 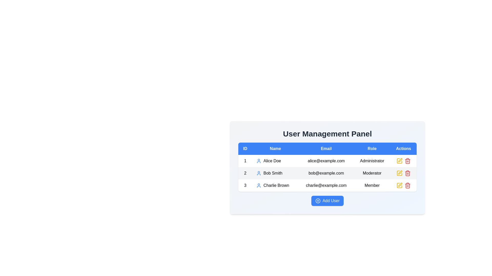 What do you see at coordinates (400, 172) in the screenshot?
I see `the edit icon in the actions column of the user management table corresponding to Bob Smith` at bounding box center [400, 172].